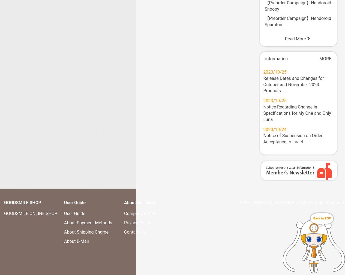 Image resolution: width=345 pixels, height=275 pixels. I want to click on 'information', so click(276, 58).